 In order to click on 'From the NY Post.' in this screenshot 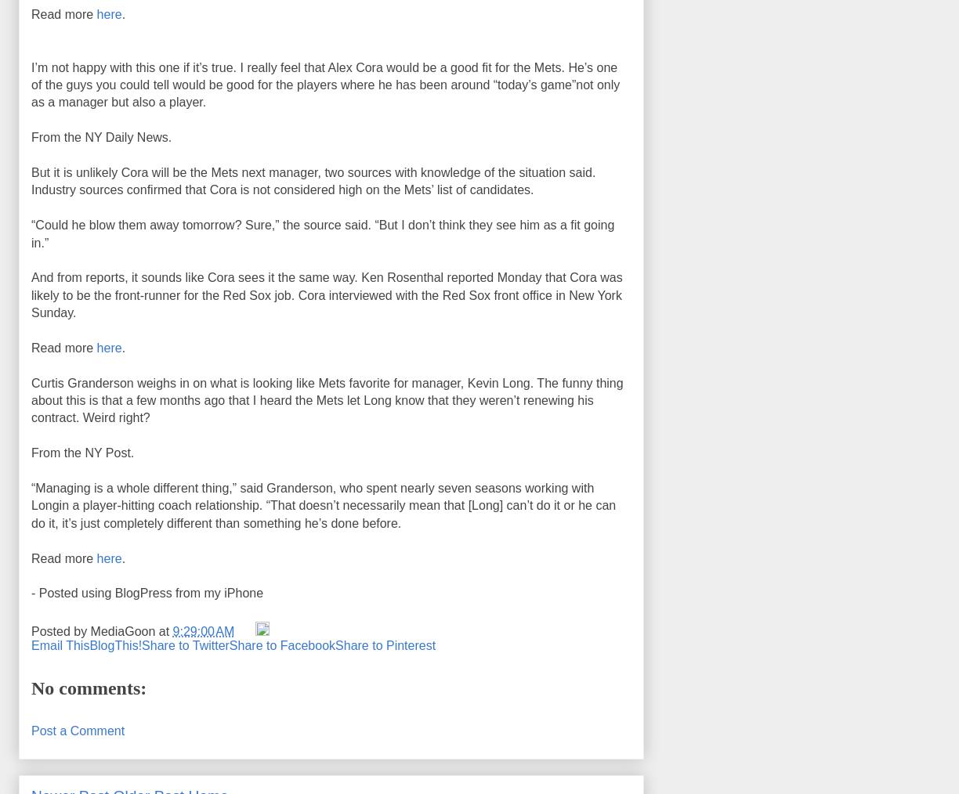, I will do `click(81, 452)`.